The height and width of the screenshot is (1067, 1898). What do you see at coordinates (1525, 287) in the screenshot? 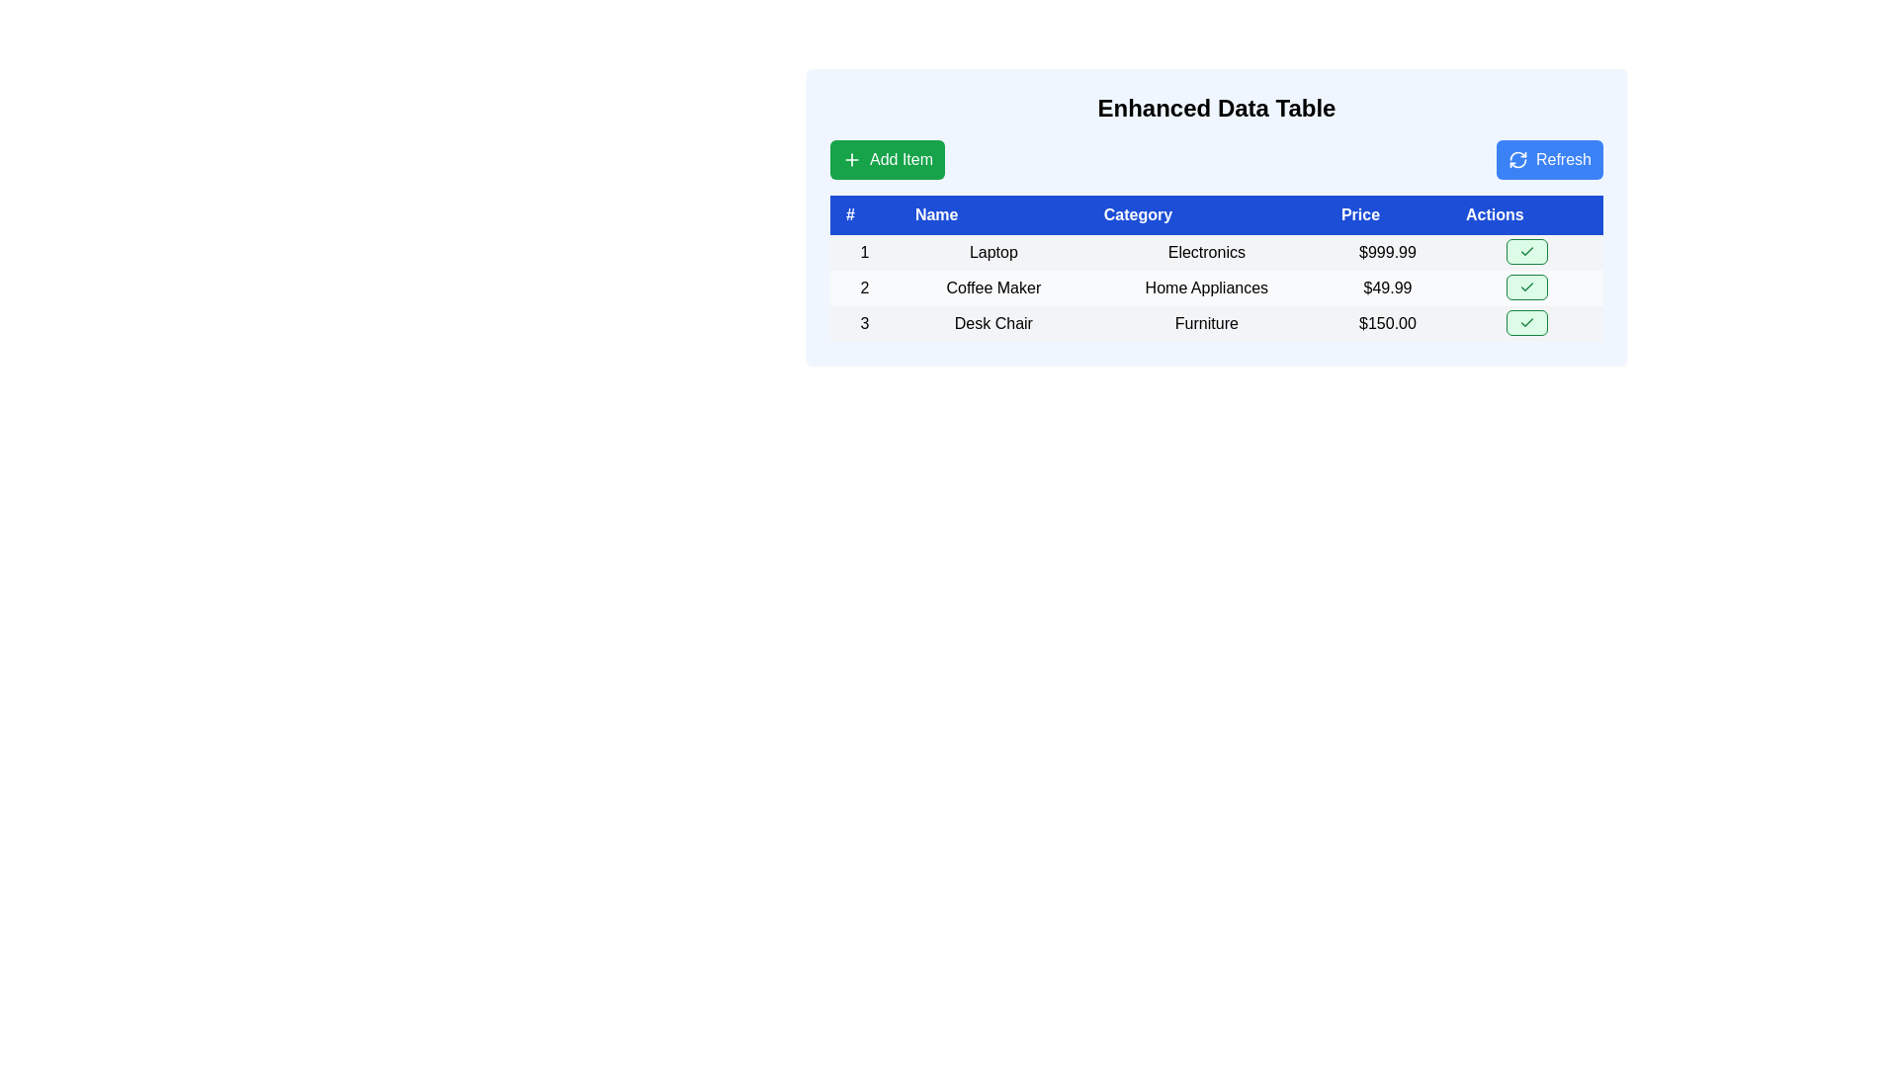
I see `the green button containing the check mark icon located in the 'Actions' column of the second row in the data table` at bounding box center [1525, 287].